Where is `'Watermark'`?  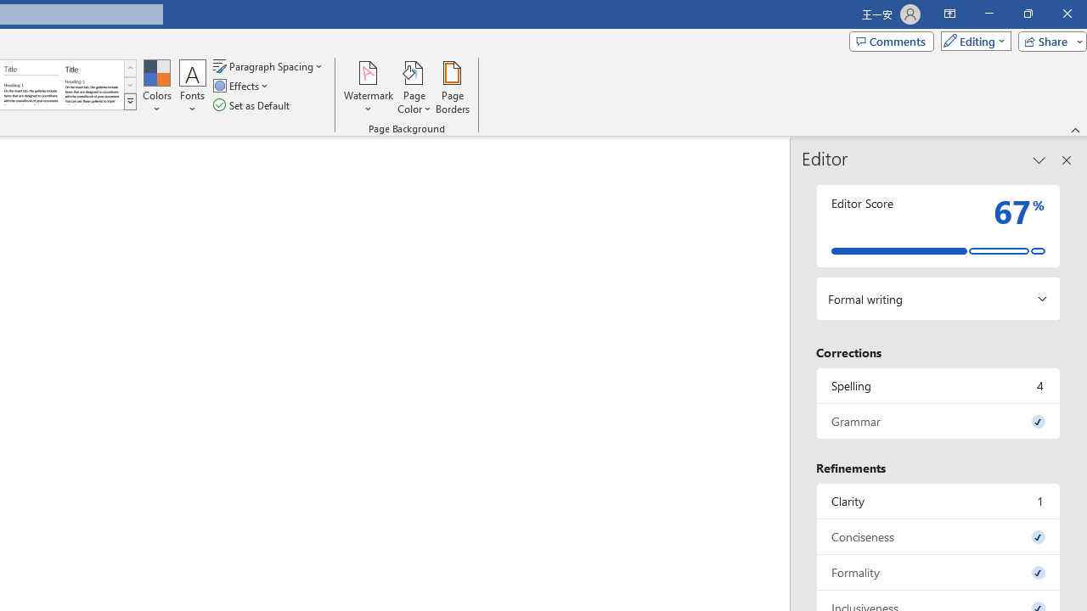
'Watermark' is located at coordinates (368, 87).